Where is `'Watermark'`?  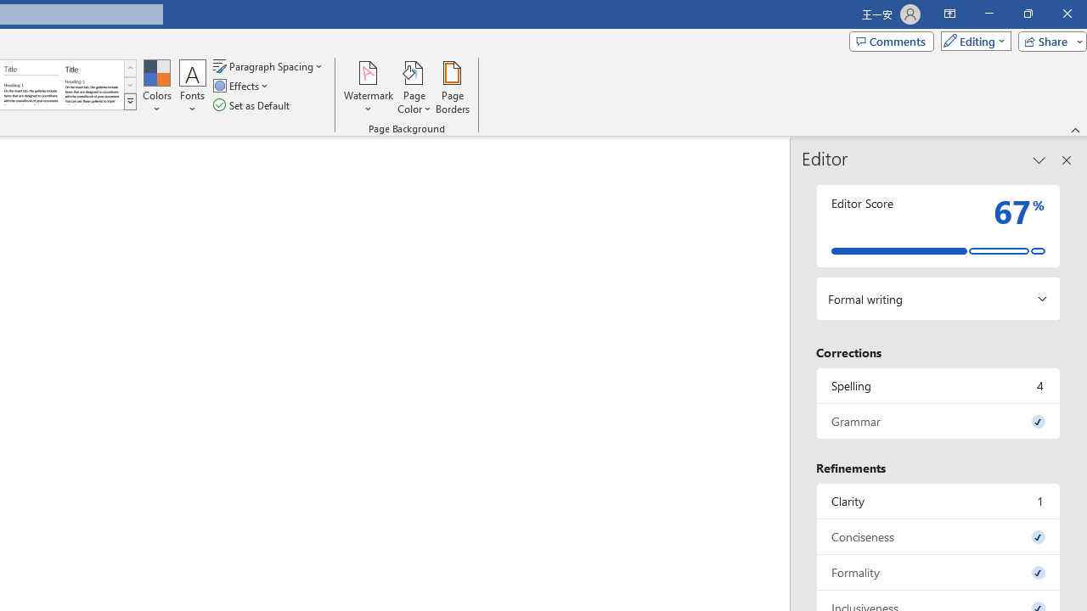
'Watermark' is located at coordinates (368, 87).